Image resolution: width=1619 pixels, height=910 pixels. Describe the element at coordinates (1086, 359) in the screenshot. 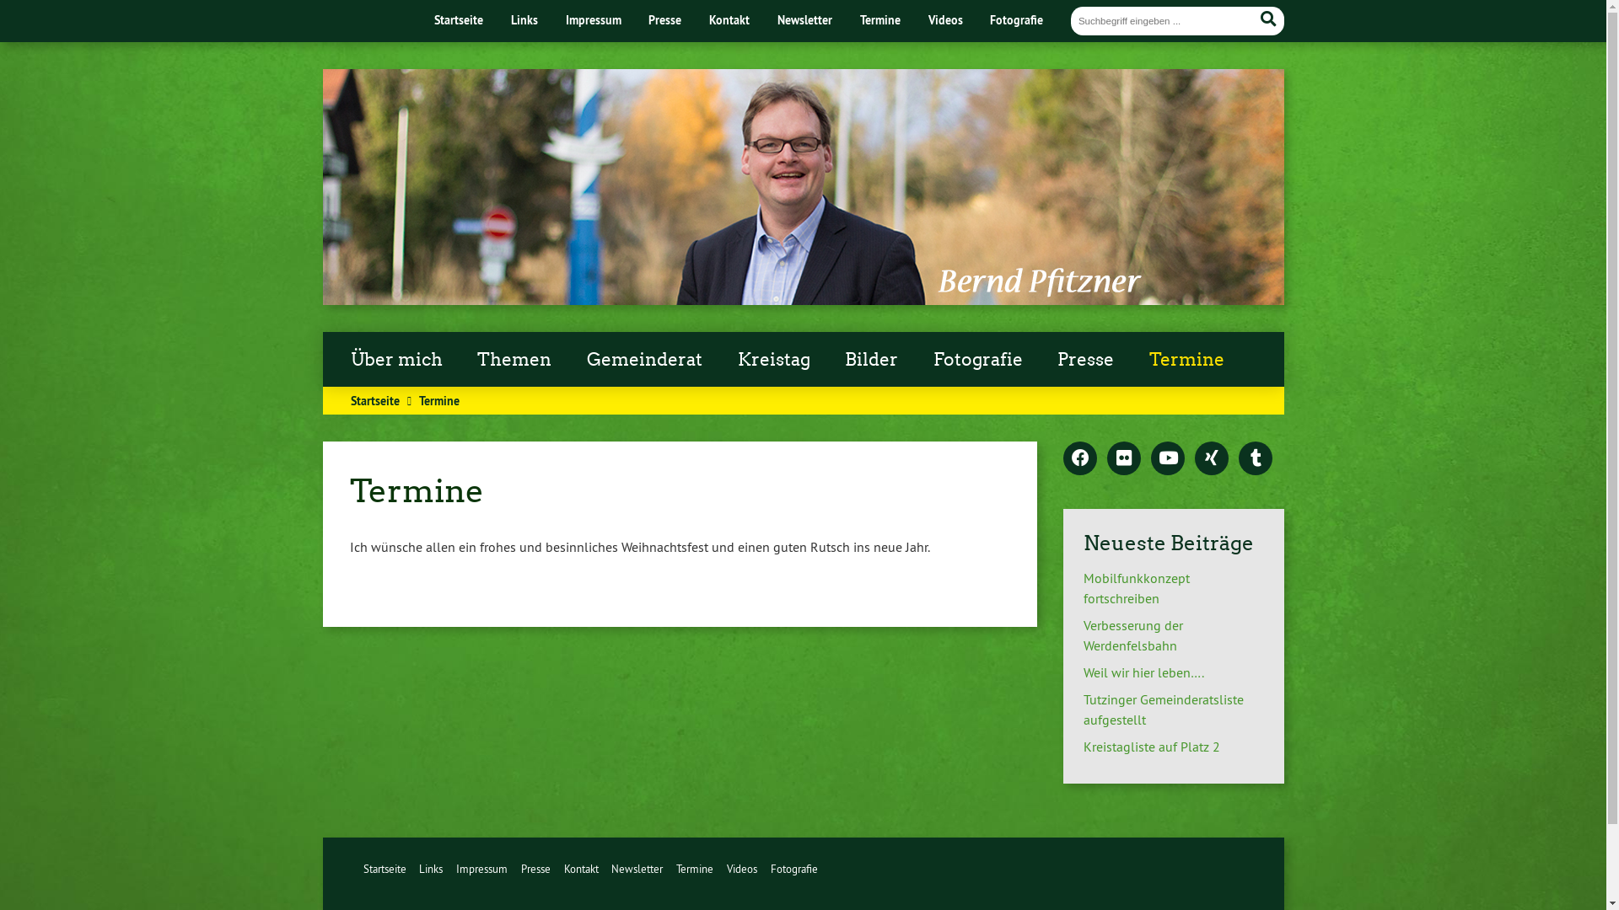

I see `'Presse'` at that location.